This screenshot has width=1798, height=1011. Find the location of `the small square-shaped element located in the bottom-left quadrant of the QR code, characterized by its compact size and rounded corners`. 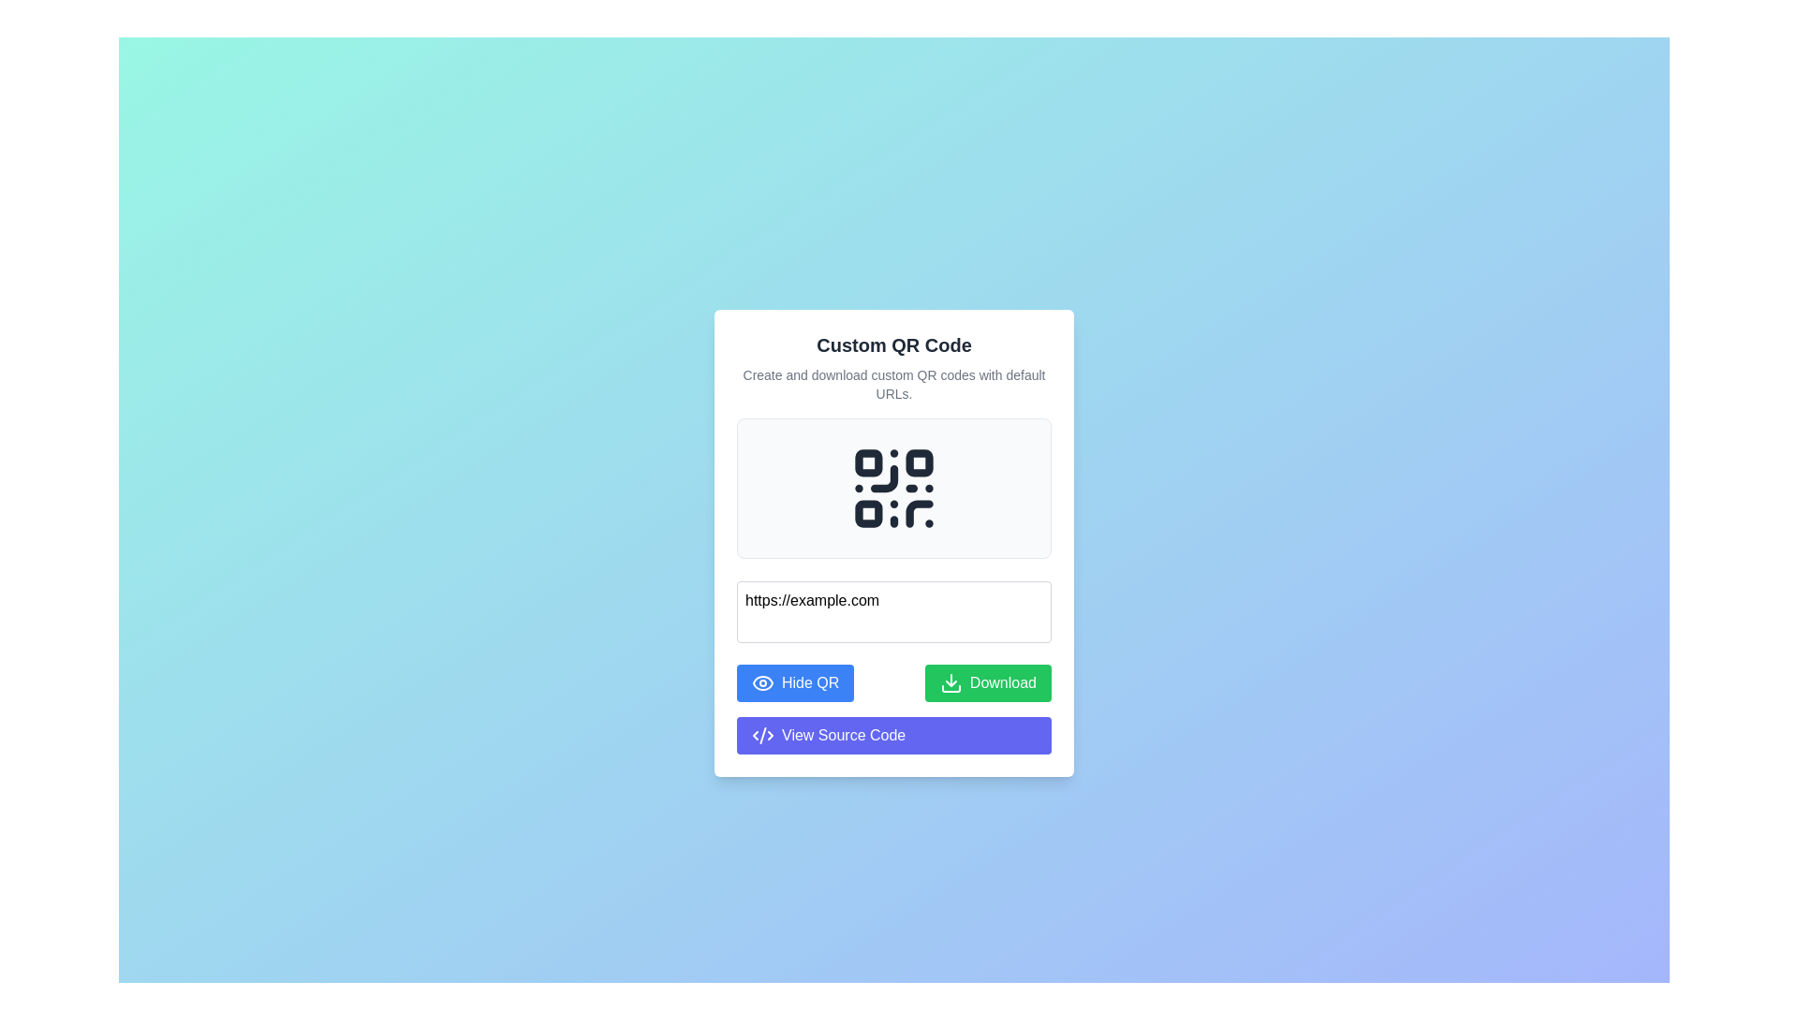

the small square-shaped element located in the bottom-left quadrant of the QR code, characterized by its compact size and rounded corners is located at coordinates (867, 513).